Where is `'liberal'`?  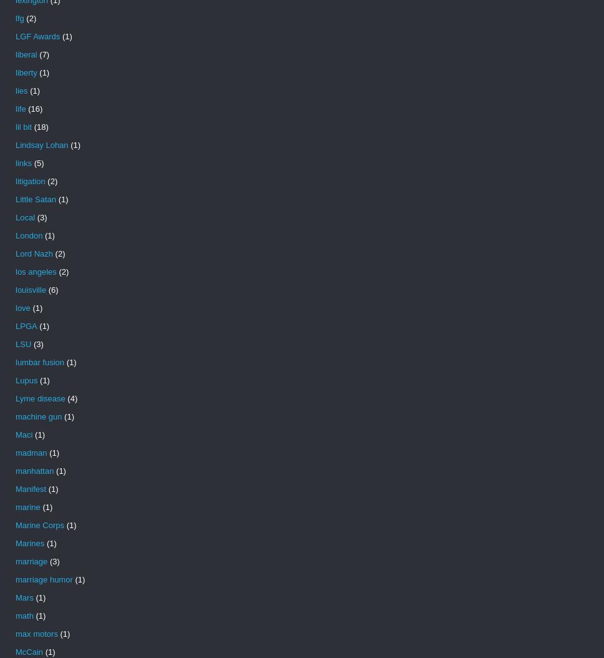
'liberal' is located at coordinates (15, 54).